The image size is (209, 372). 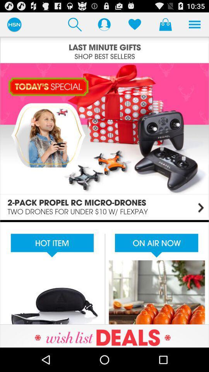 I want to click on to favorites, so click(x=134, y=24).